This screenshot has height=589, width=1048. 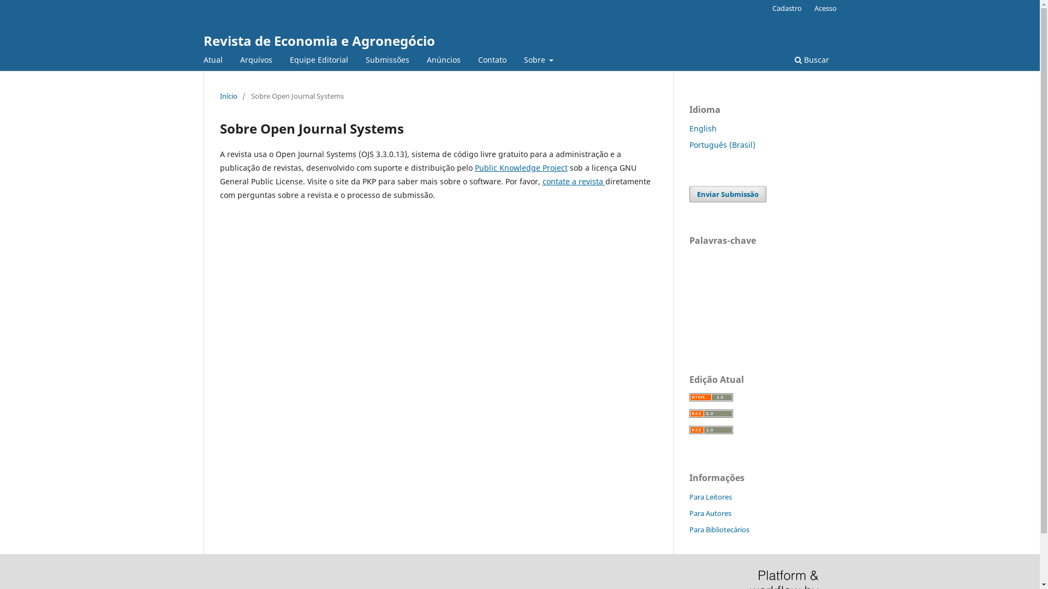 I want to click on 'Contato', so click(x=491, y=61).